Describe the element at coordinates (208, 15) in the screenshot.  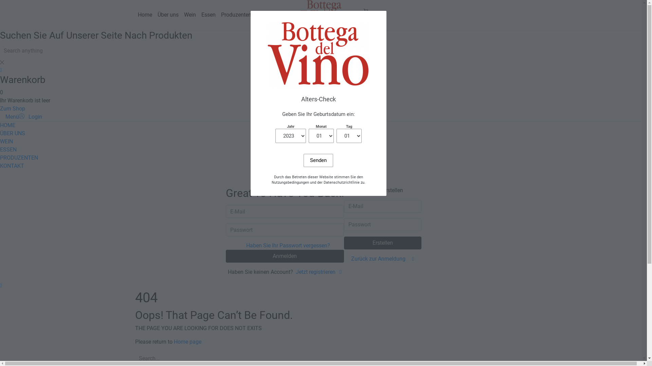
I see `'Essen'` at that location.